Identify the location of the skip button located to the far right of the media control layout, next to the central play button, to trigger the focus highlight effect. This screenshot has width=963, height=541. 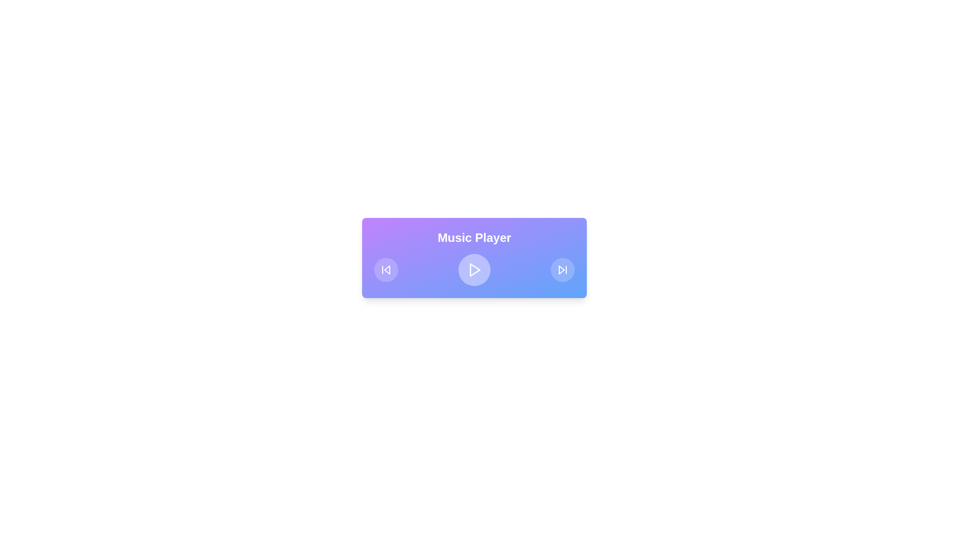
(563, 269).